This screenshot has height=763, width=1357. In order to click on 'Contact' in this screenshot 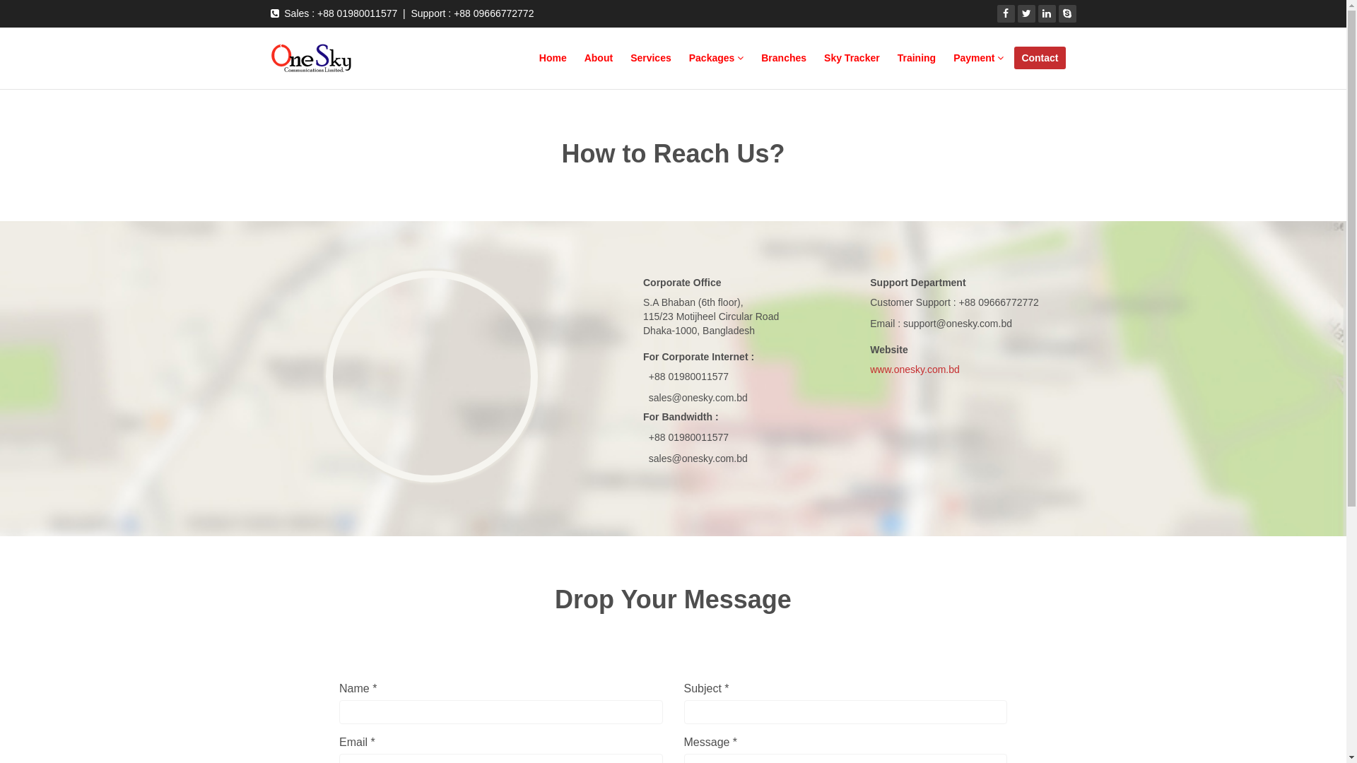, I will do `click(1039, 57)`.